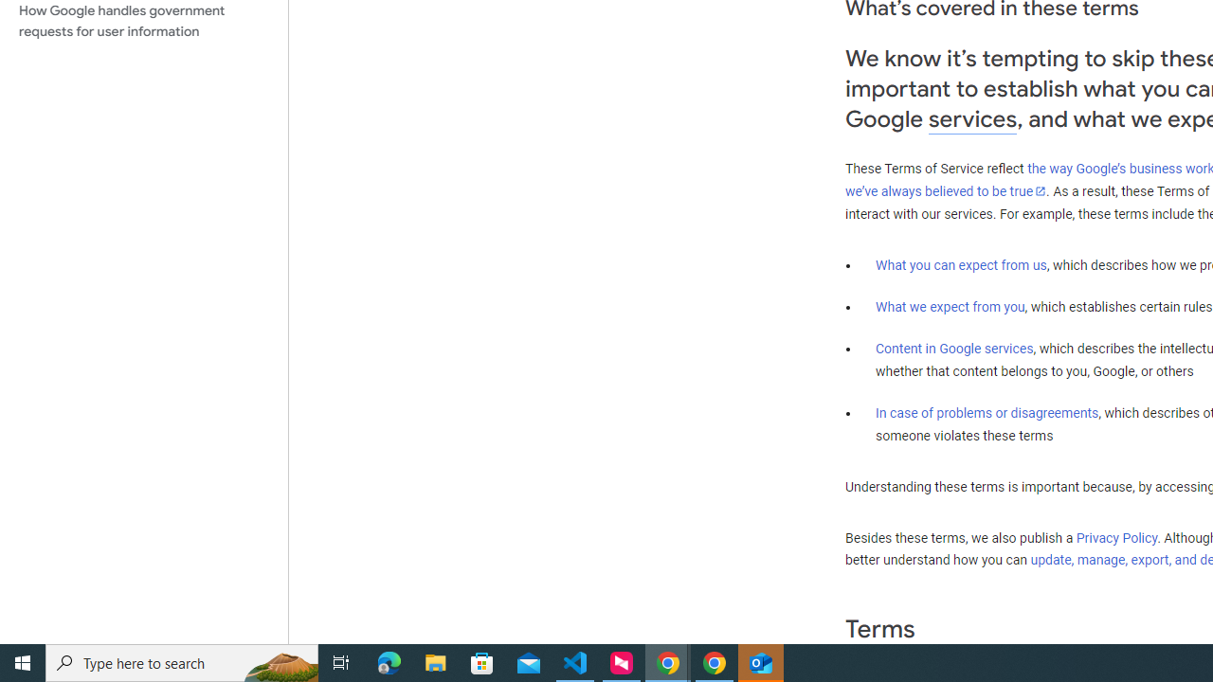 The height and width of the screenshot is (682, 1213). I want to click on 'Privacy Policy', so click(1116, 537).